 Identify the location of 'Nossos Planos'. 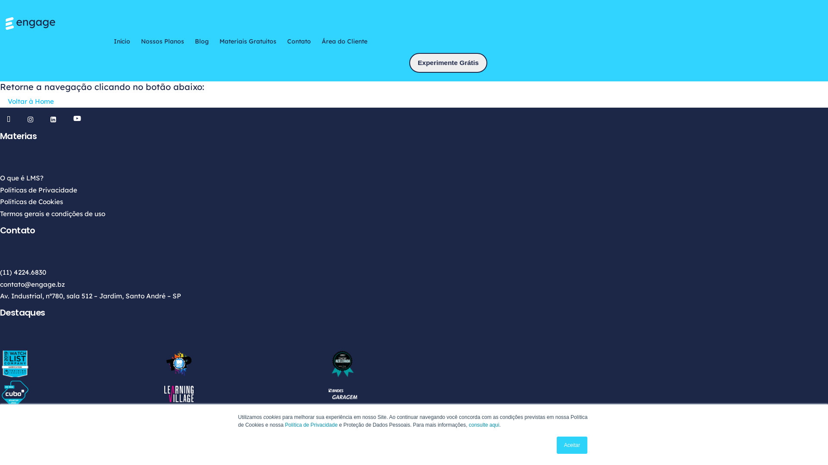
(162, 41).